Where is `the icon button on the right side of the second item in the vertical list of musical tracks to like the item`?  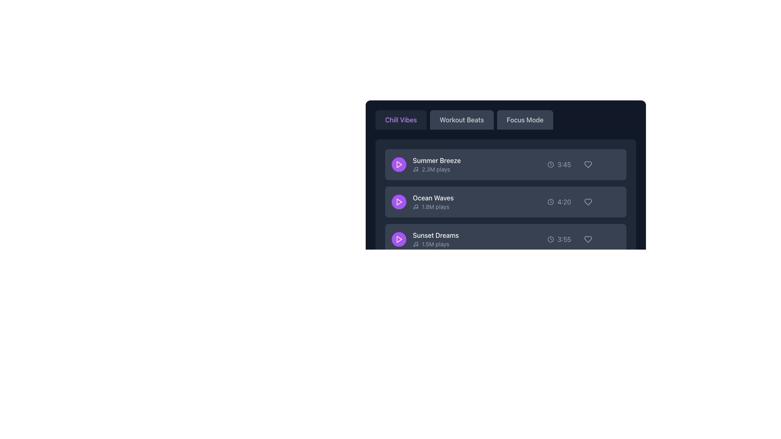
the icon button on the right side of the second item in the vertical list of musical tracks to like the item is located at coordinates (588, 202).